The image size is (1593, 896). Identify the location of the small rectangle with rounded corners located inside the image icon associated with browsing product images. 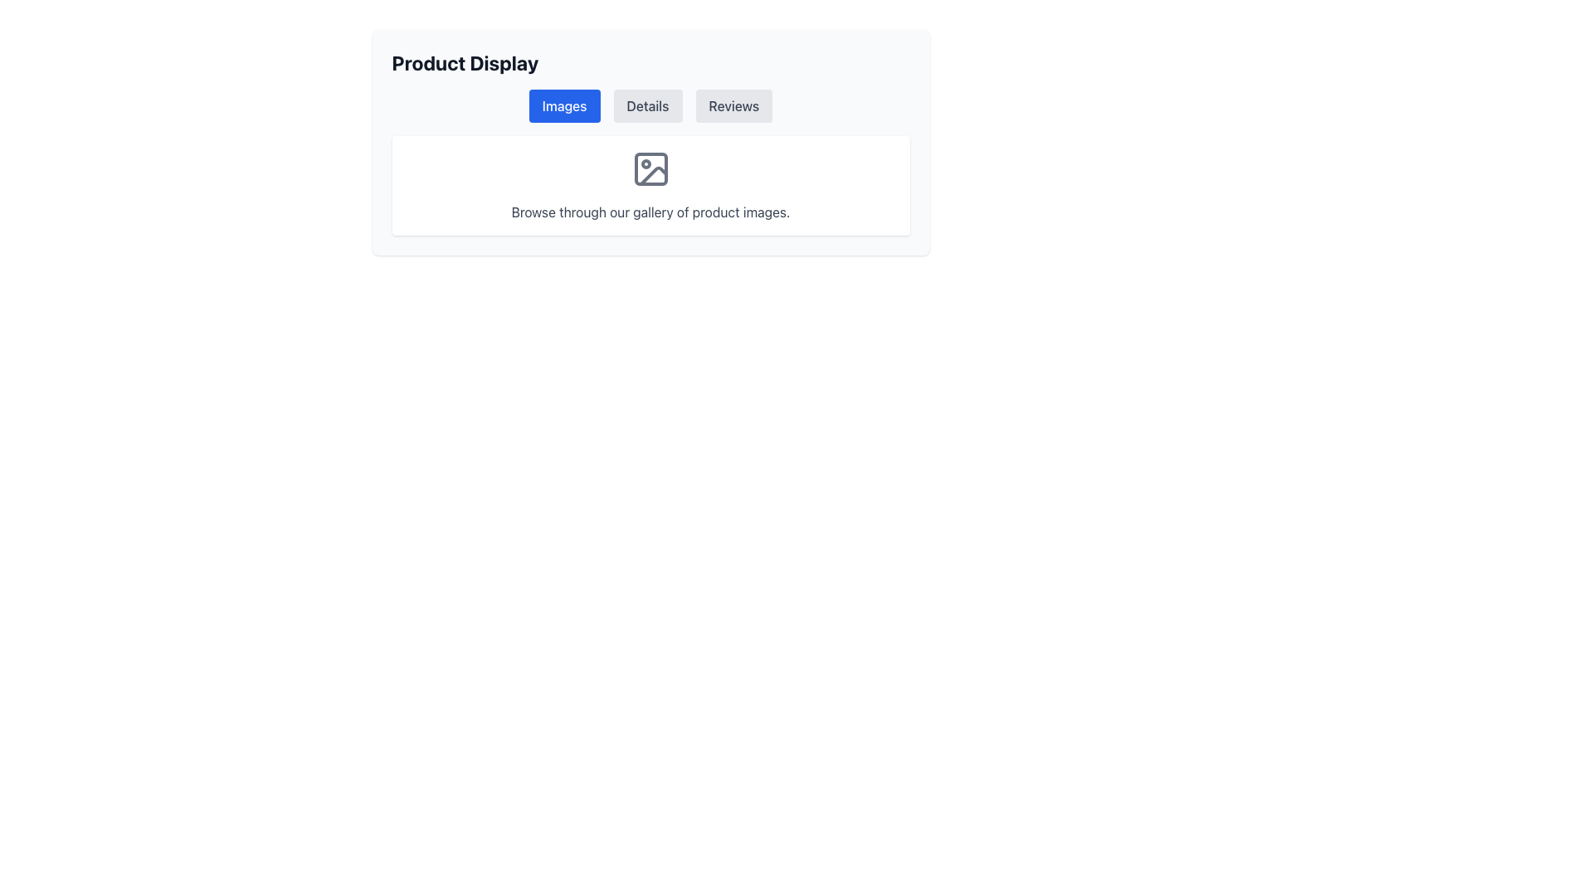
(650, 169).